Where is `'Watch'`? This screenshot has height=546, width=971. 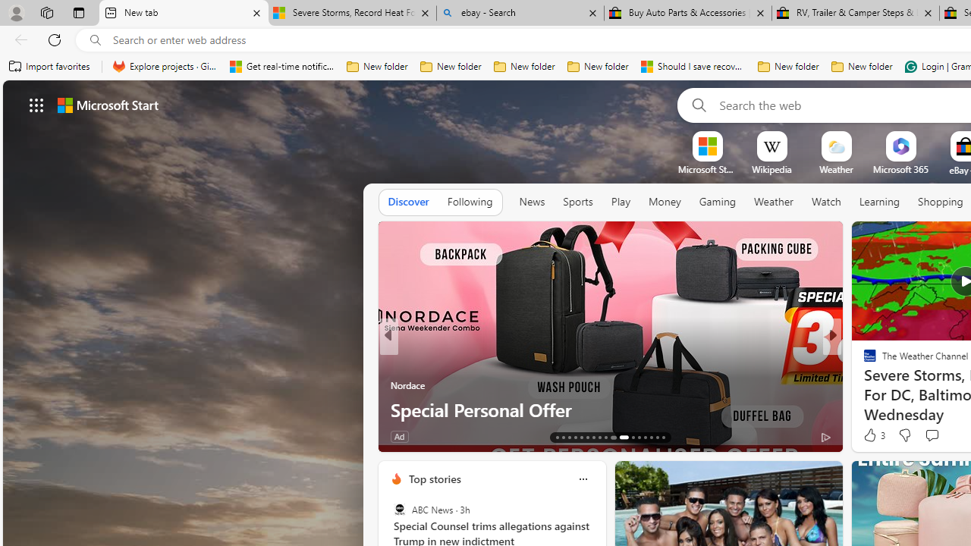
'Watch' is located at coordinates (825, 201).